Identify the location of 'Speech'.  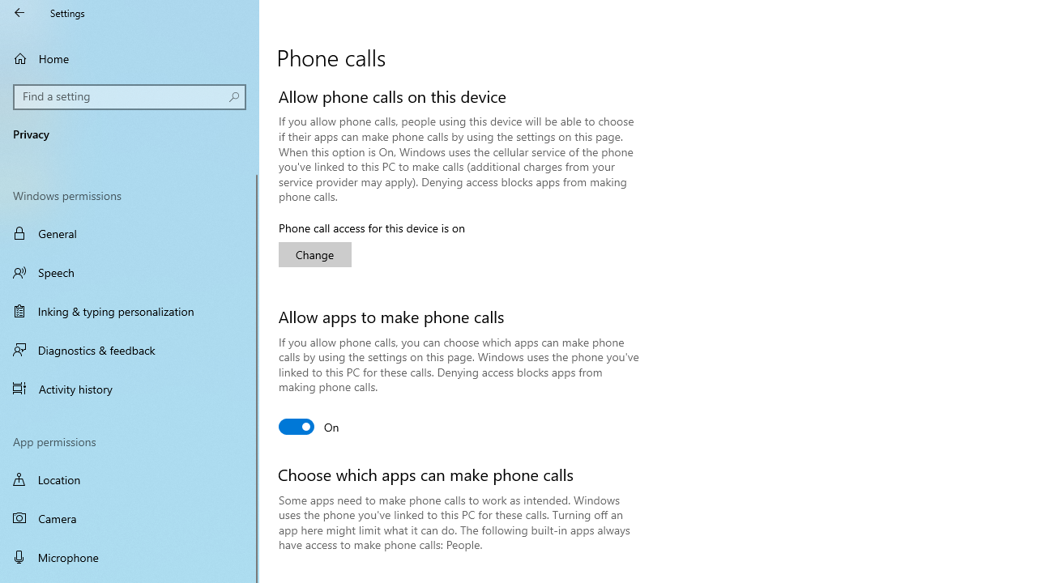
(130, 270).